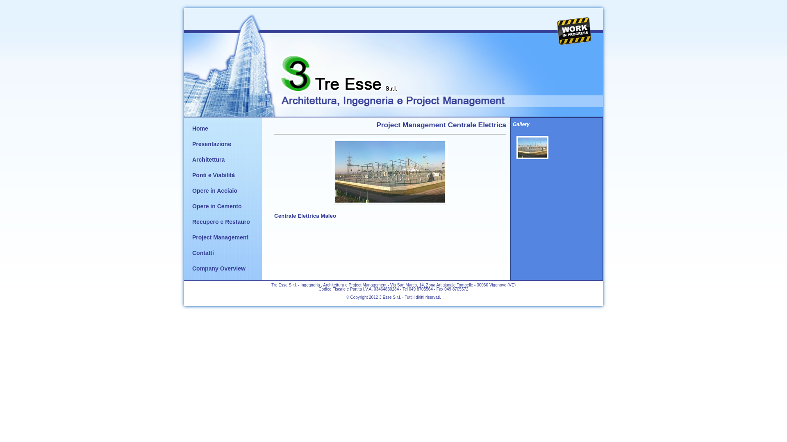  I want to click on 'Presentazione', so click(212, 143).